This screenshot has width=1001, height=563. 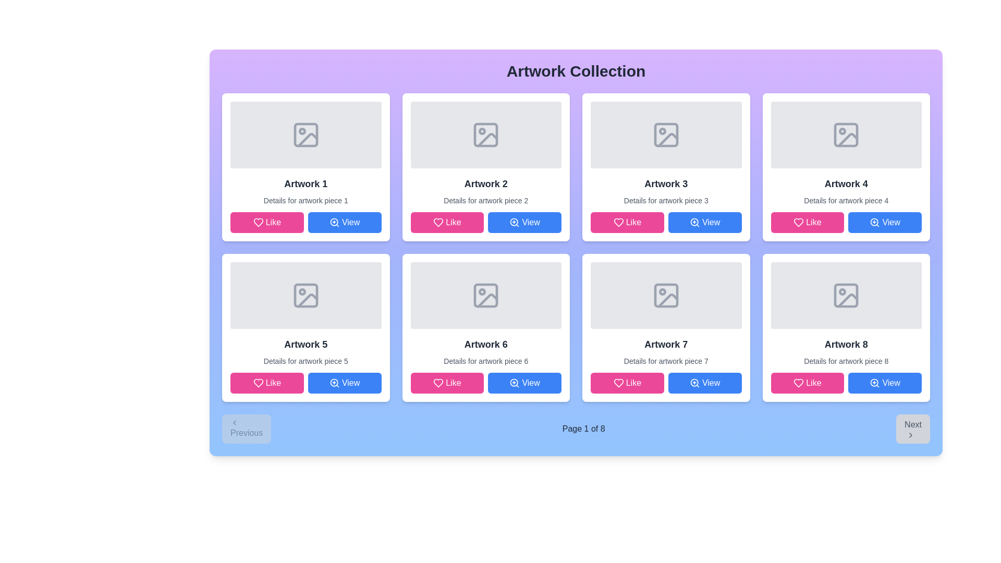 What do you see at coordinates (807, 383) in the screenshot?
I see `the 'Like' button located at the bottom-left corner of the card for Artwork 8 to indicate a 'Like' action for the artwork` at bounding box center [807, 383].